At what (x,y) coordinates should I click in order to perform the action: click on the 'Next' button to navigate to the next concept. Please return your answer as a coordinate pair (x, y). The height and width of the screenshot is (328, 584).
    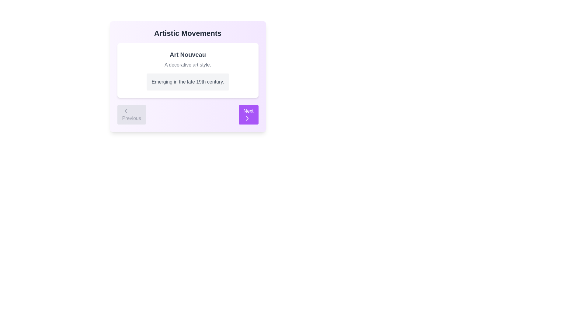
    Looking at the image, I should click on (248, 115).